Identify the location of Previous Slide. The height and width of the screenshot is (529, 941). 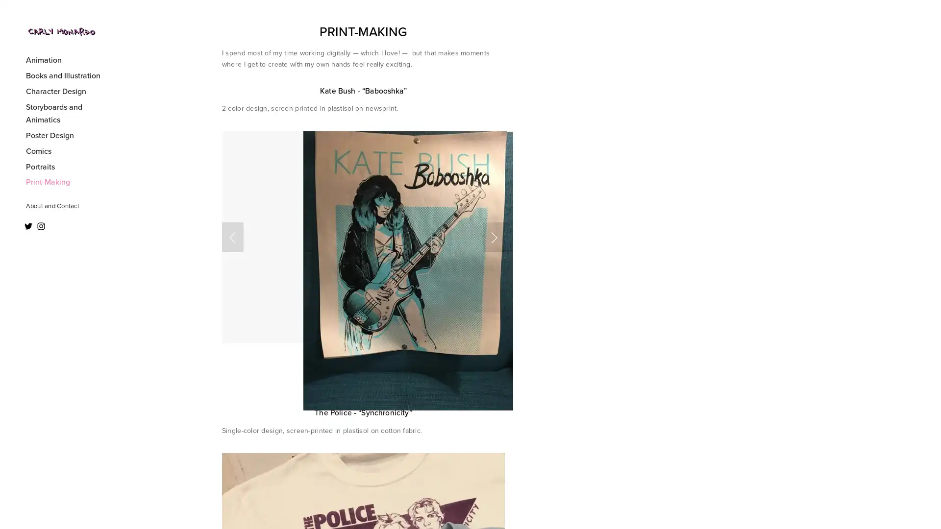
(232, 237).